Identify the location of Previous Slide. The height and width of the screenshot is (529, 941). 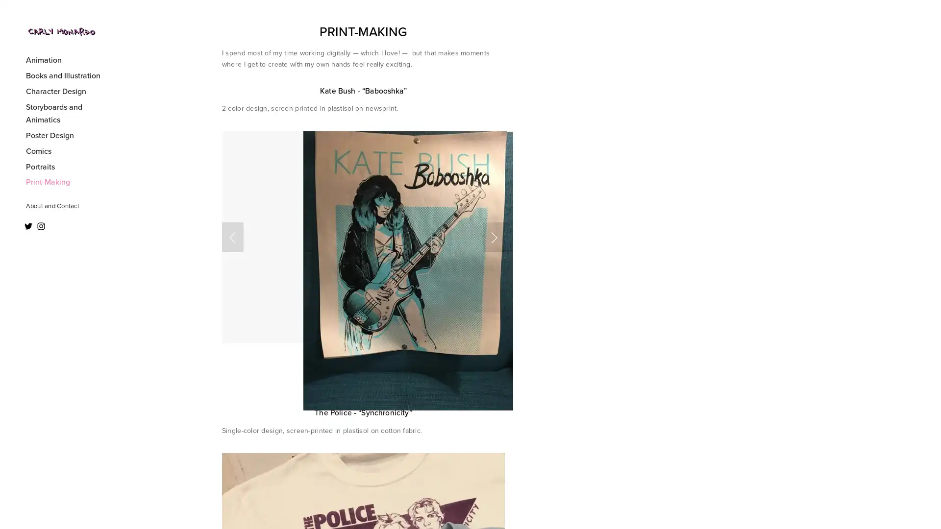
(232, 237).